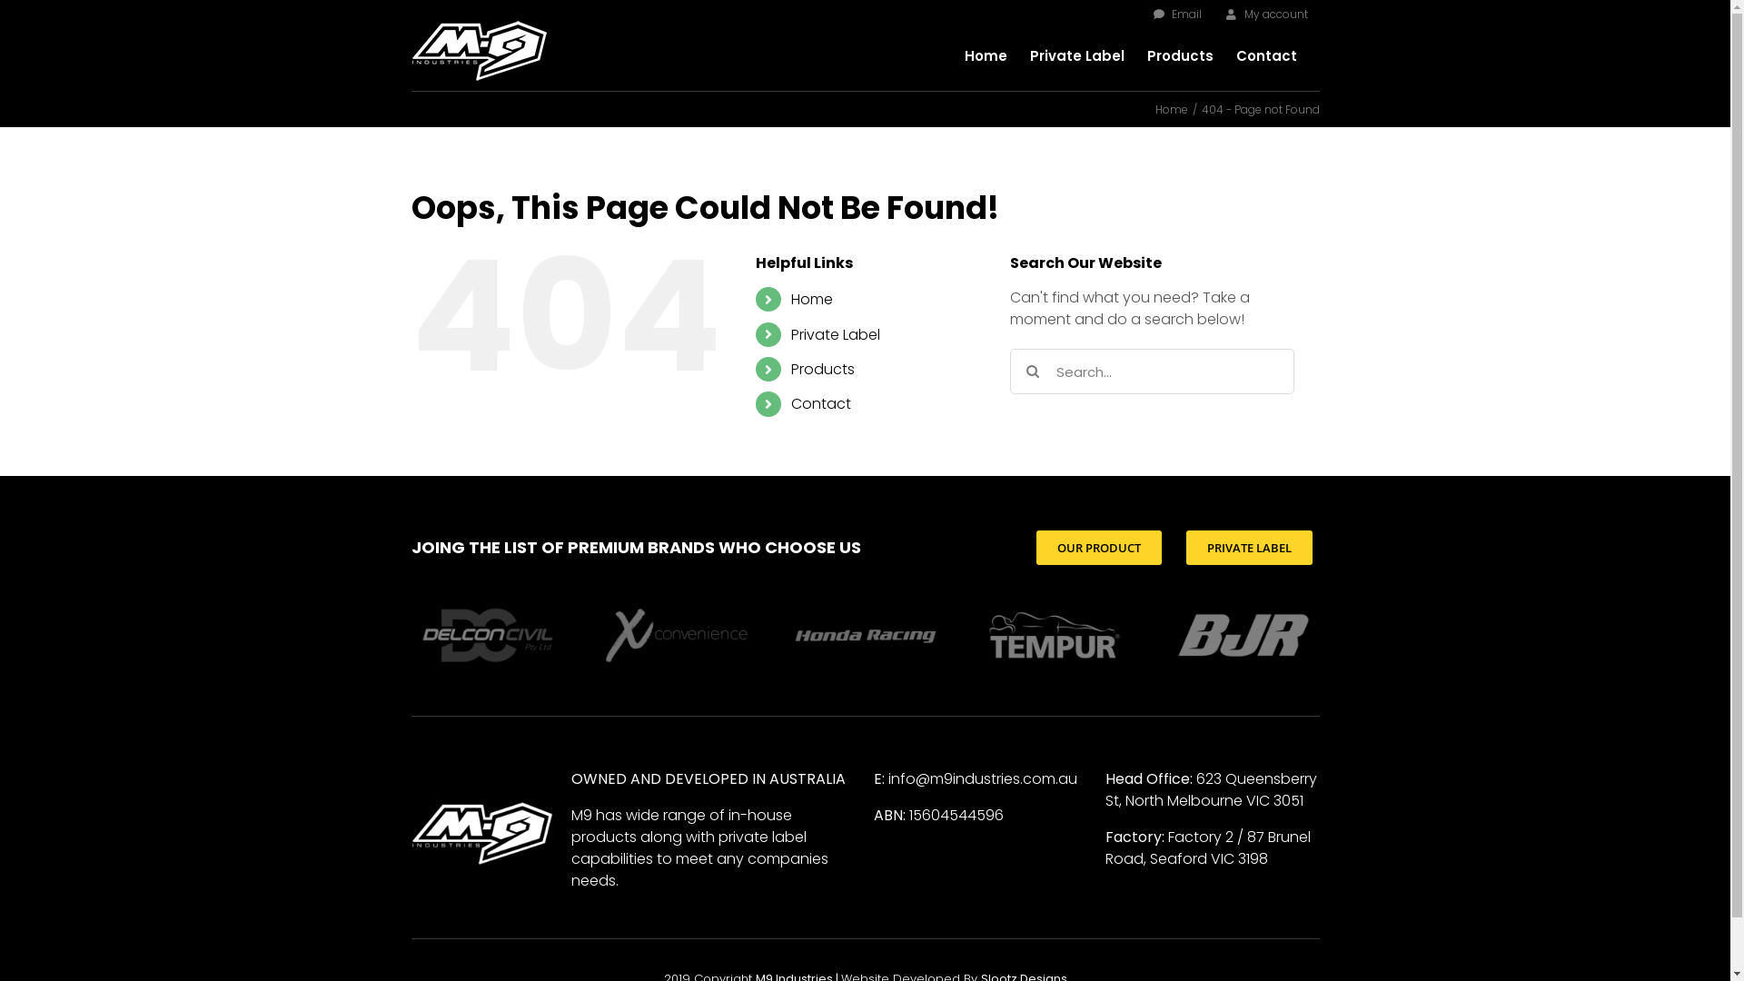 This screenshot has height=981, width=1744. Describe the element at coordinates (675, 634) in the screenshot. I see `'Partner-Logo-X-Convenience@2x'` at that location.